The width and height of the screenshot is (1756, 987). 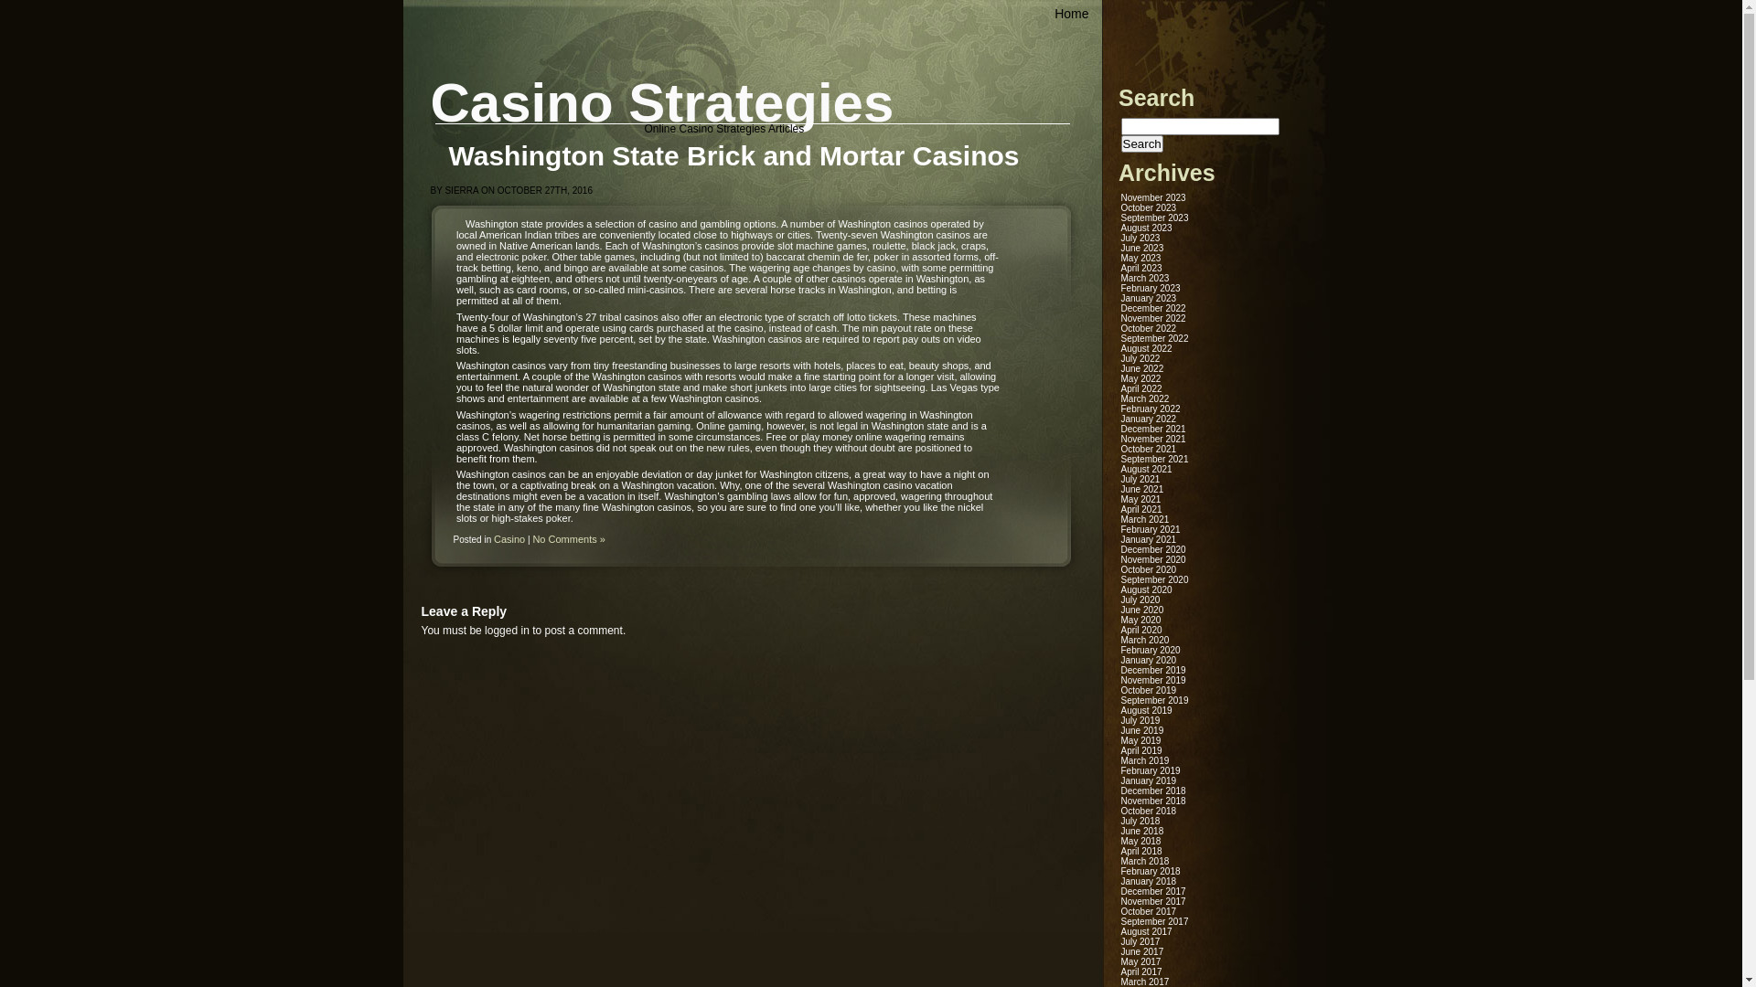 I want to click on 'February 2019', so click(x=1150, y=770).